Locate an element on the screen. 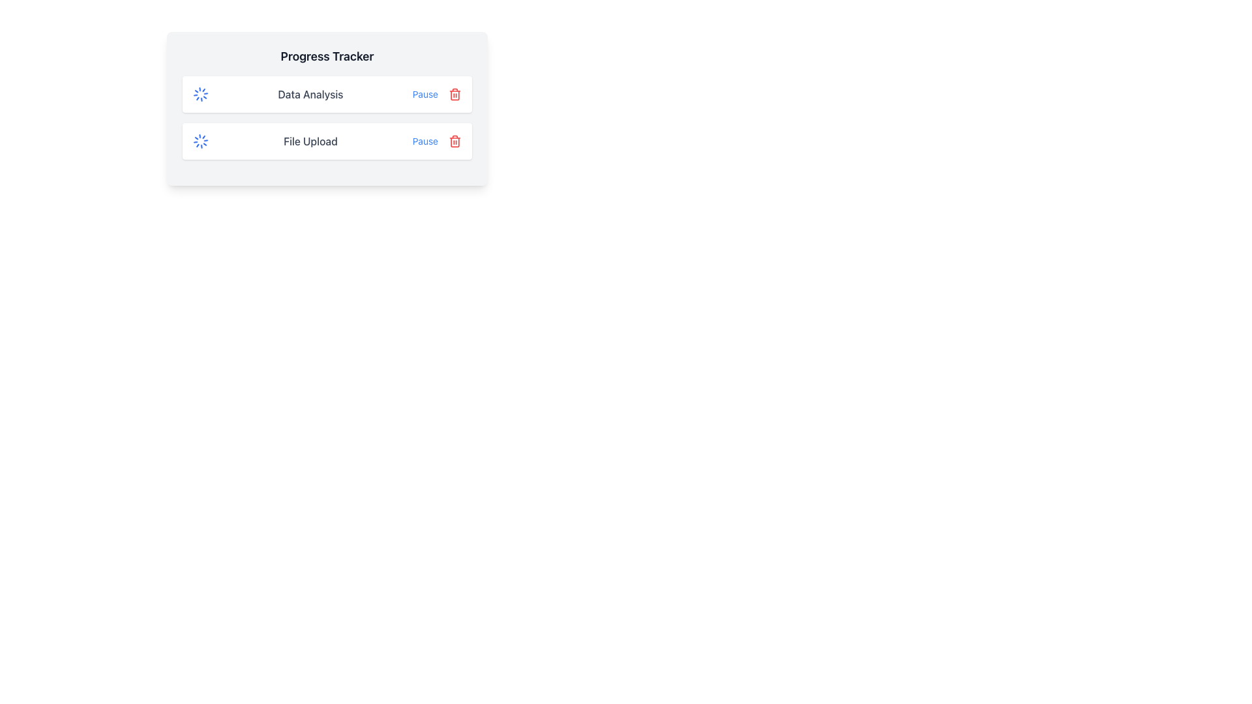  the red trash can icon at the end of the row labeled 'File Upload' is located at coordinates (455, 141).